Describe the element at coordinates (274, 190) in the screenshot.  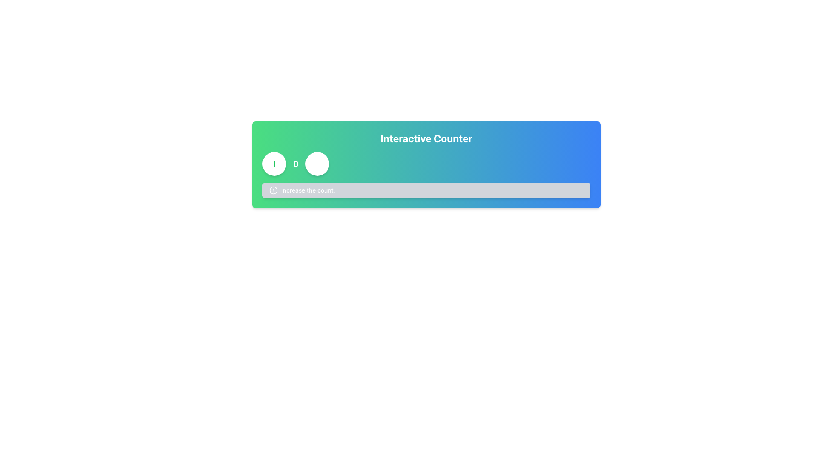
I see `the alert icon, which is a circular icon with a thin border and an alert symbol, located to the left of the 'Increase the count.' text label` at that location.